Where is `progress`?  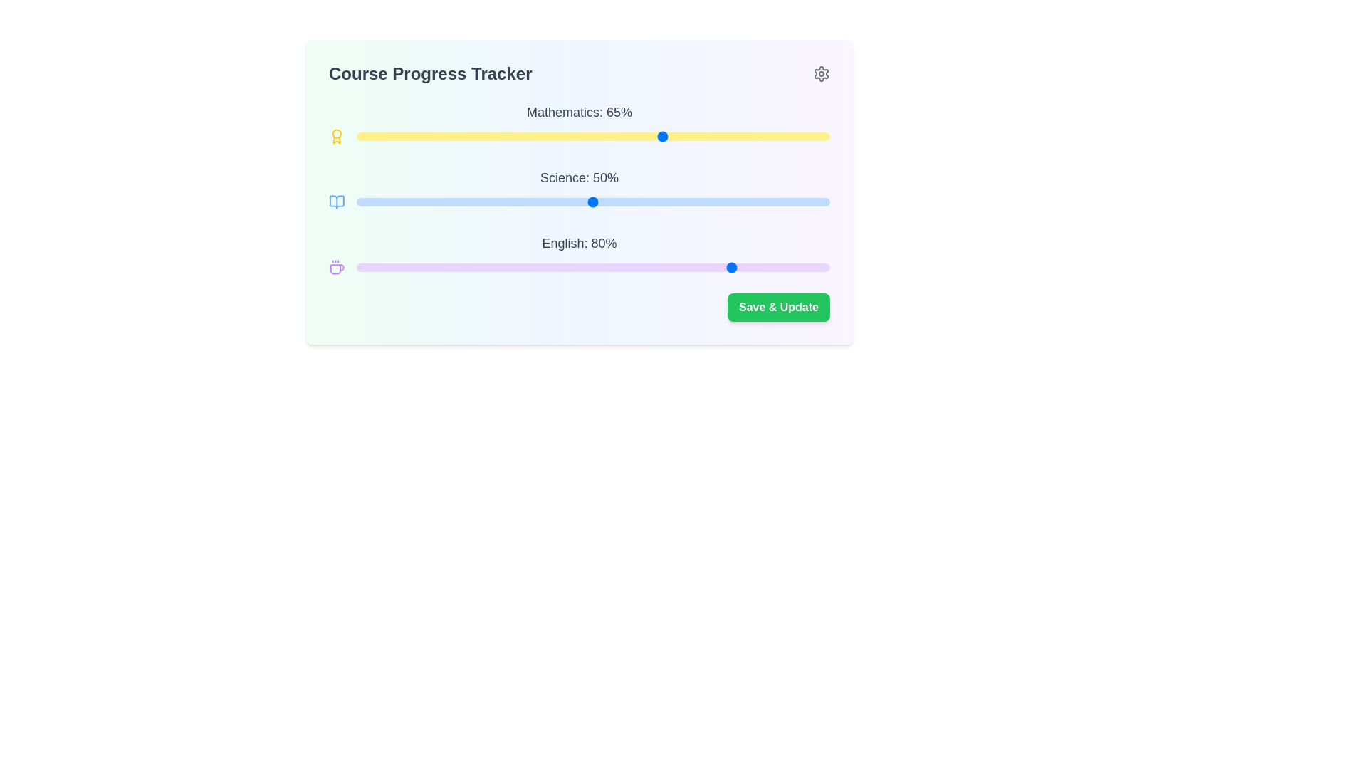 progress is located at coordinates (593, 202).